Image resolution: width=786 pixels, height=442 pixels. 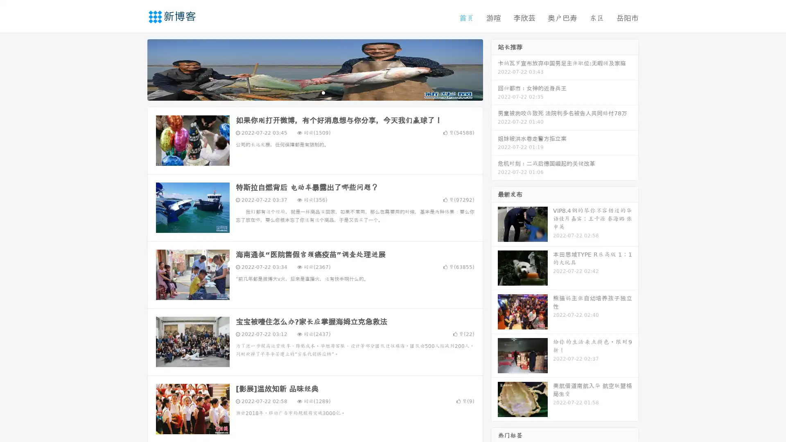 What do you see at coordinates (306, 92) in the screenshot?
I see `Go to slide 1` at bounding box center [306, 92].